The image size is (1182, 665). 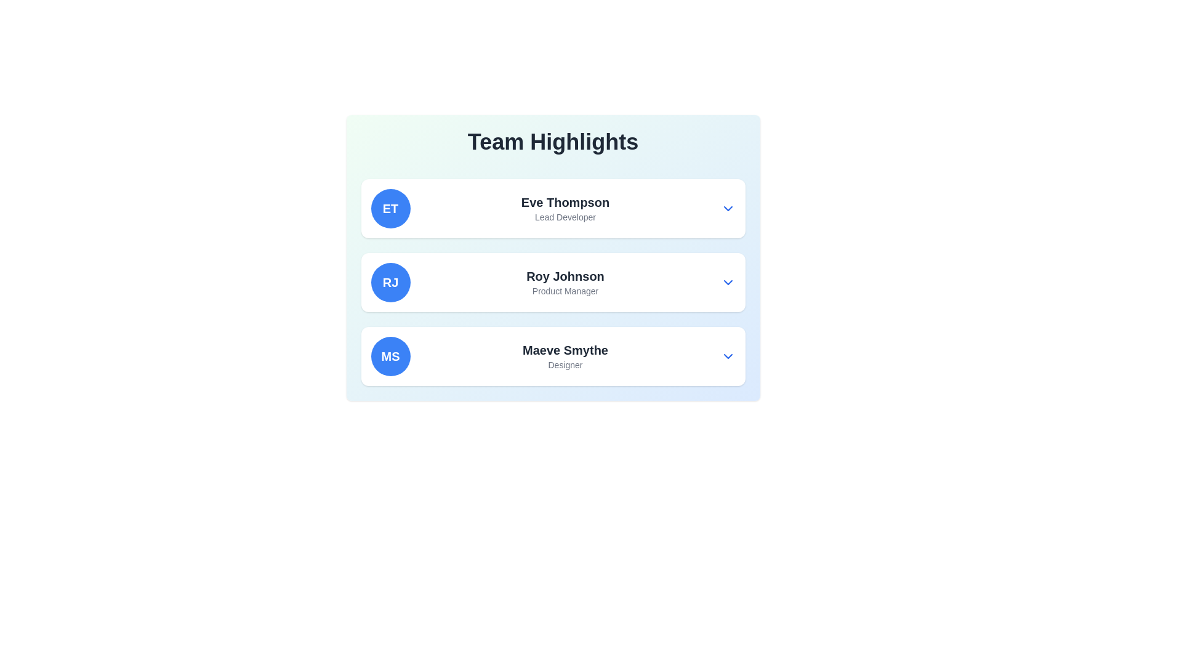 What do you see at coordinates (565, 208) in the screenshot?
I see `the Text Display element that shows 'Eve Thompson' in bold and 'Lead Developer' in a smaller font, located in the first card under the 'Team Highlights' section` at bounding box center [565, 208].